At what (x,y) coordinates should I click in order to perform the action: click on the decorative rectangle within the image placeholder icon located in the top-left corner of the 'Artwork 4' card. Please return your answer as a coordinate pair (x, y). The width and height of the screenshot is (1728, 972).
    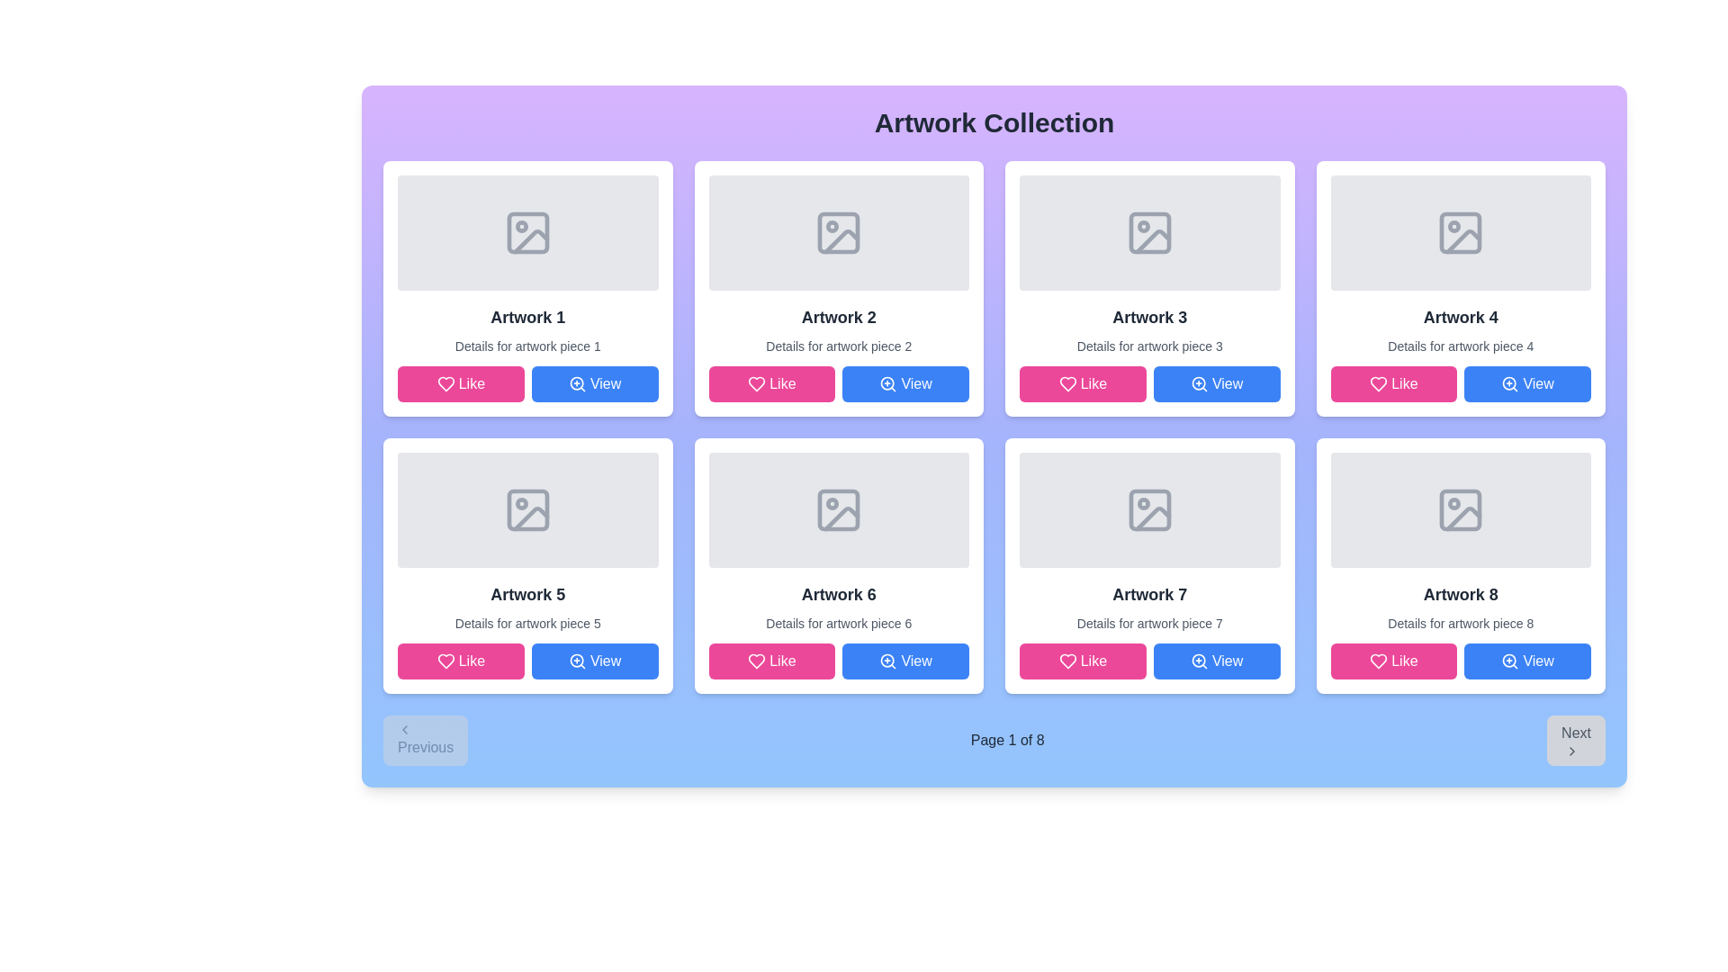
    Looking at the image, I should click on (1461, 231).